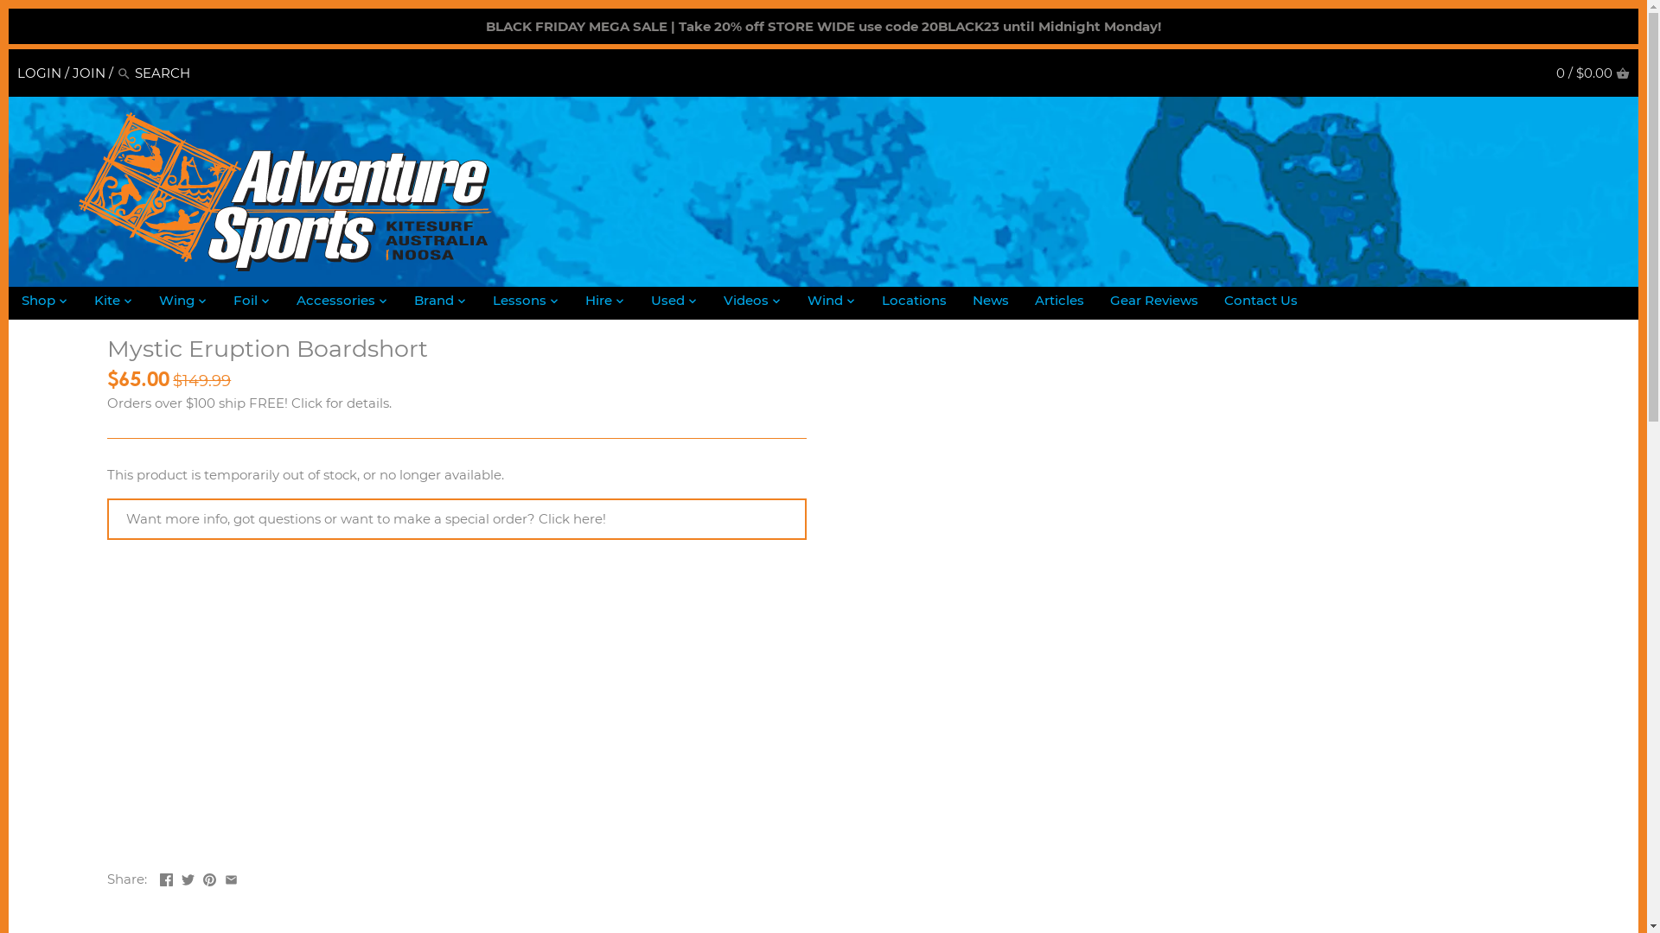 The width and height of the screenshot is (1660, 933). What do you see at coordinates (991, 302) in the screenshot?
I see `'News'` at bounding box center [991, 302].